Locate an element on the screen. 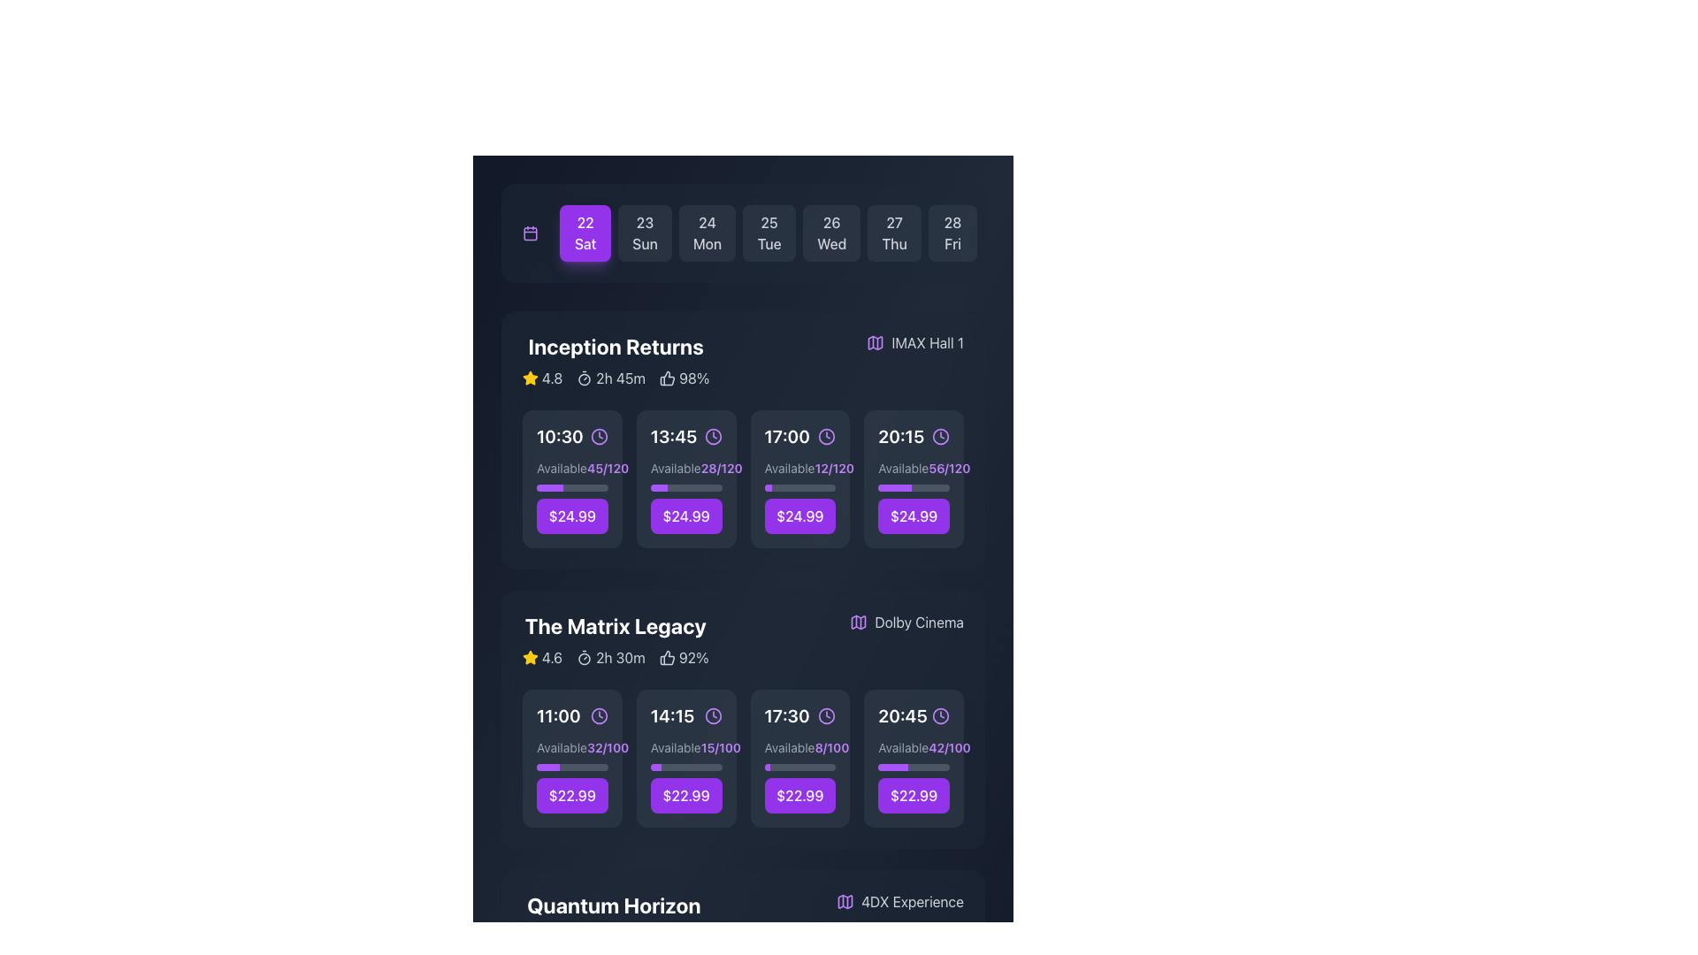 This screenshot has width=1698, height=955. the sofa SVG icon within the 'Select Seats' button, which features a purple background and white text, indicating an interactive element is located at coordinates (658, 479).